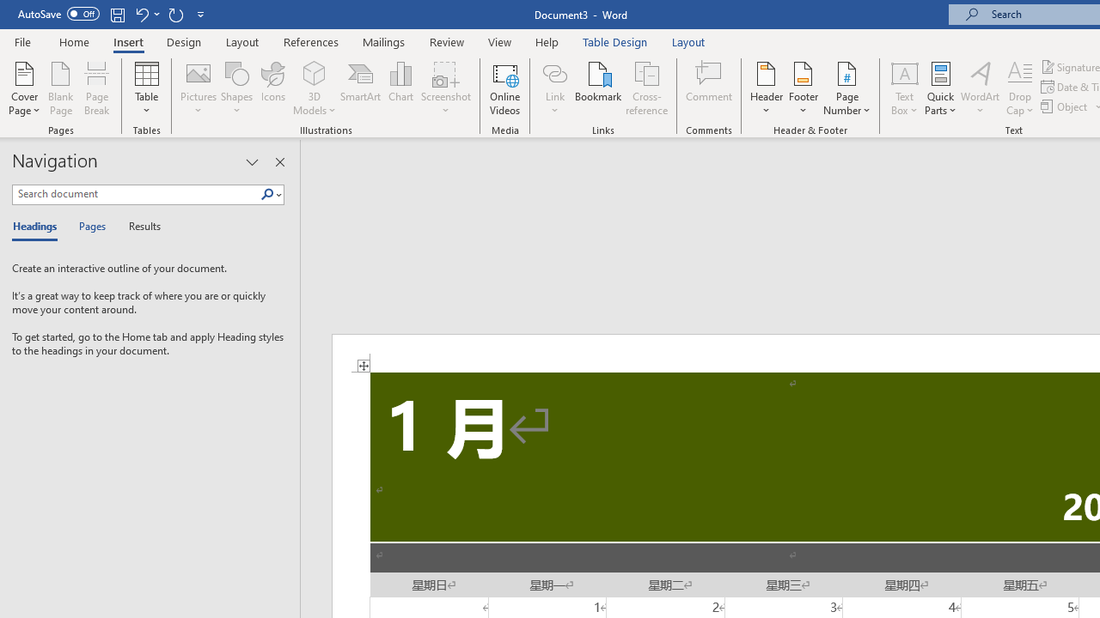 The image size is (1100, 618). I want to click on 'Home', so click(73, 41).